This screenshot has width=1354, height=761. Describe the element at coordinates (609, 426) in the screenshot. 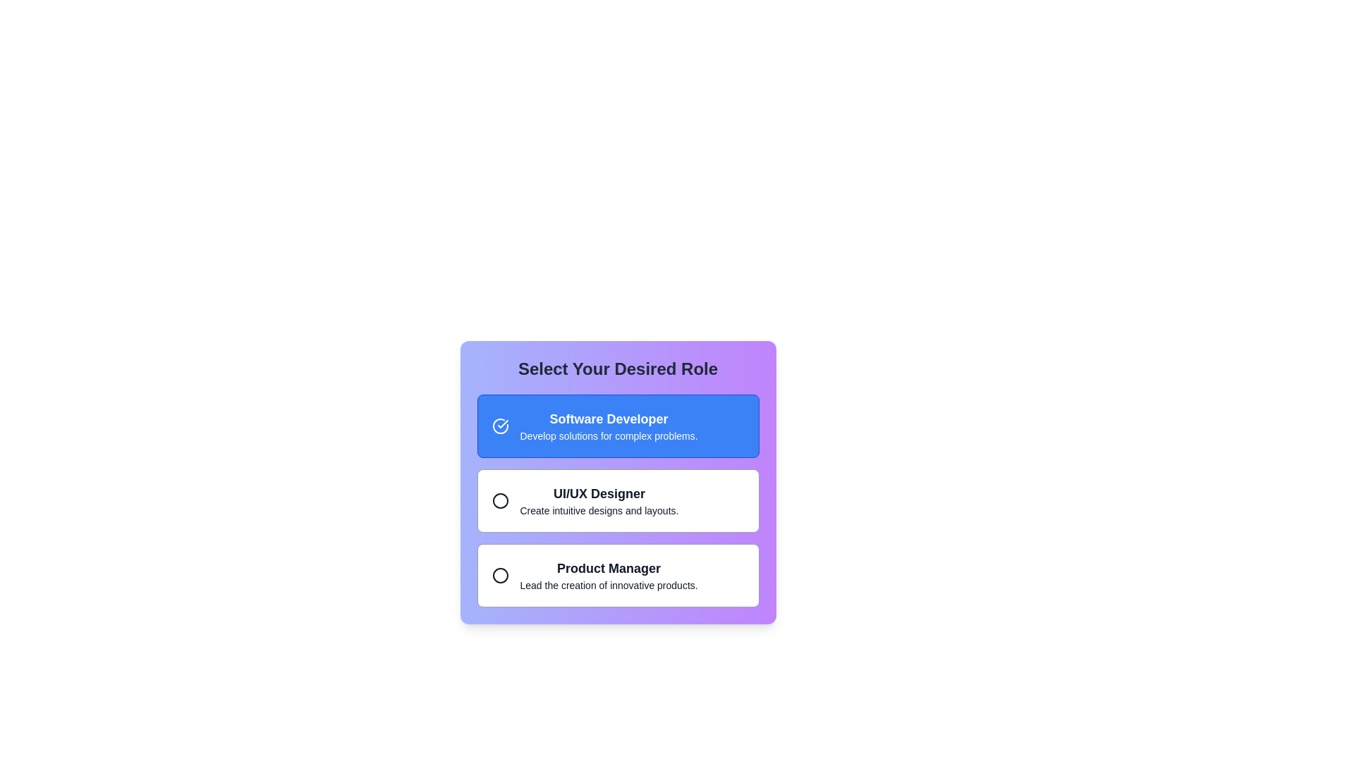

I see `the first selectable list item displaying 'Software Developer'` at that location.